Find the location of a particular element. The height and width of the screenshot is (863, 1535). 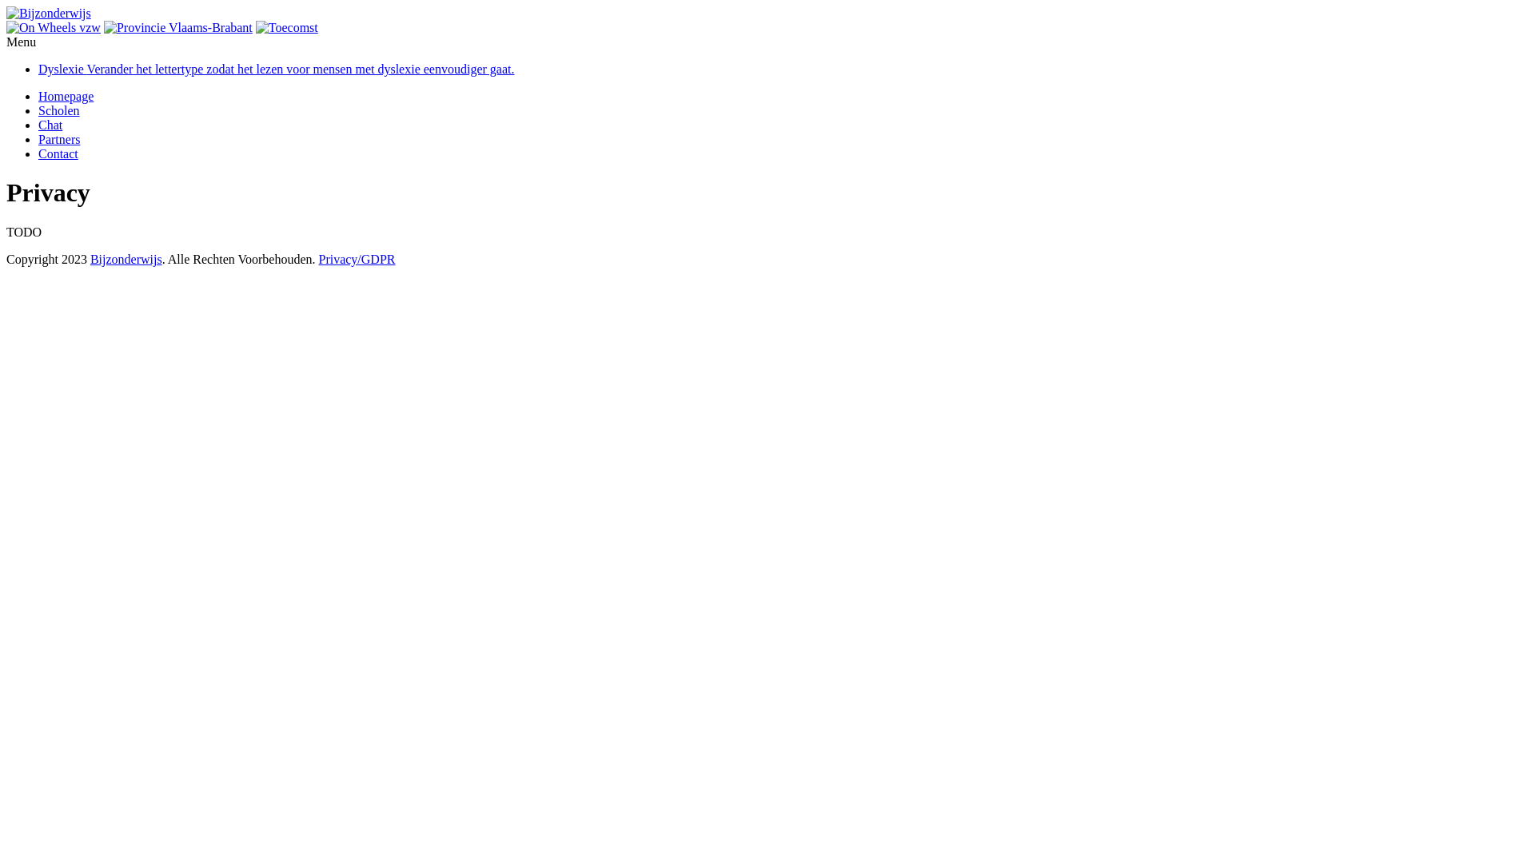

'Chat' is located at coordinates (50, 124).